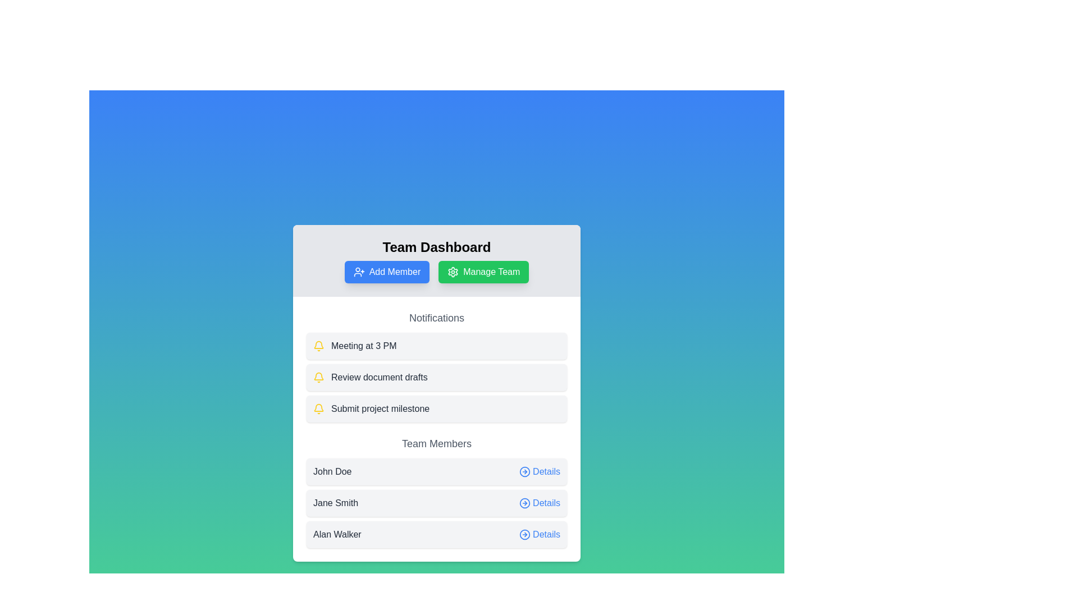  I want to click on the text label identifying the team member named 'John Doe', which is the first item in the 'Team Members' section, located below the 'Notifications' section and to the left of the 'Details' link, so click(332, 471).